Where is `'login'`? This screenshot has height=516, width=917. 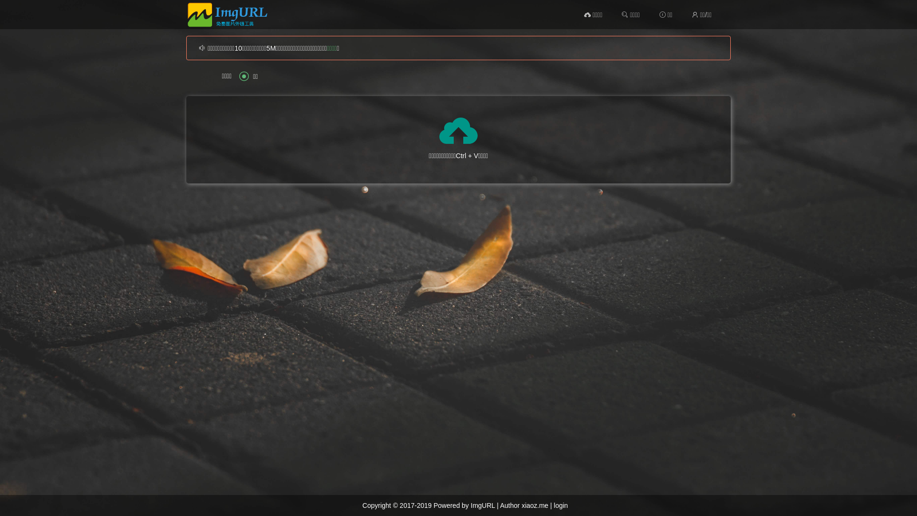
'login' is located at coordinates (554, 505).